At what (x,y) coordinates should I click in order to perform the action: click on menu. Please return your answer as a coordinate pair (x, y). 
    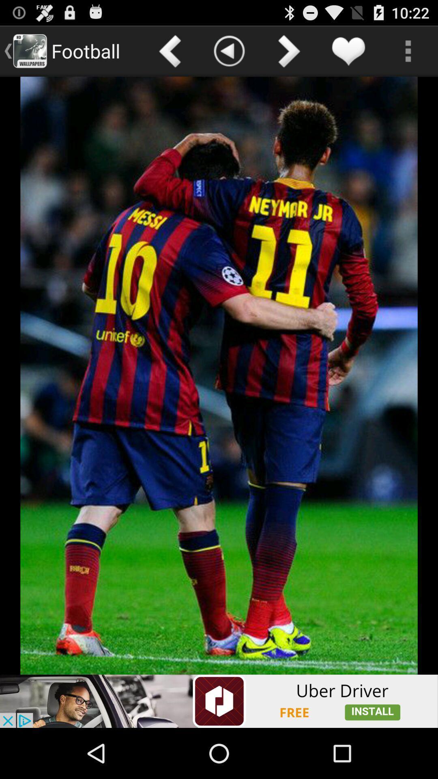
    Looking at the image, I should click on (408, 50).